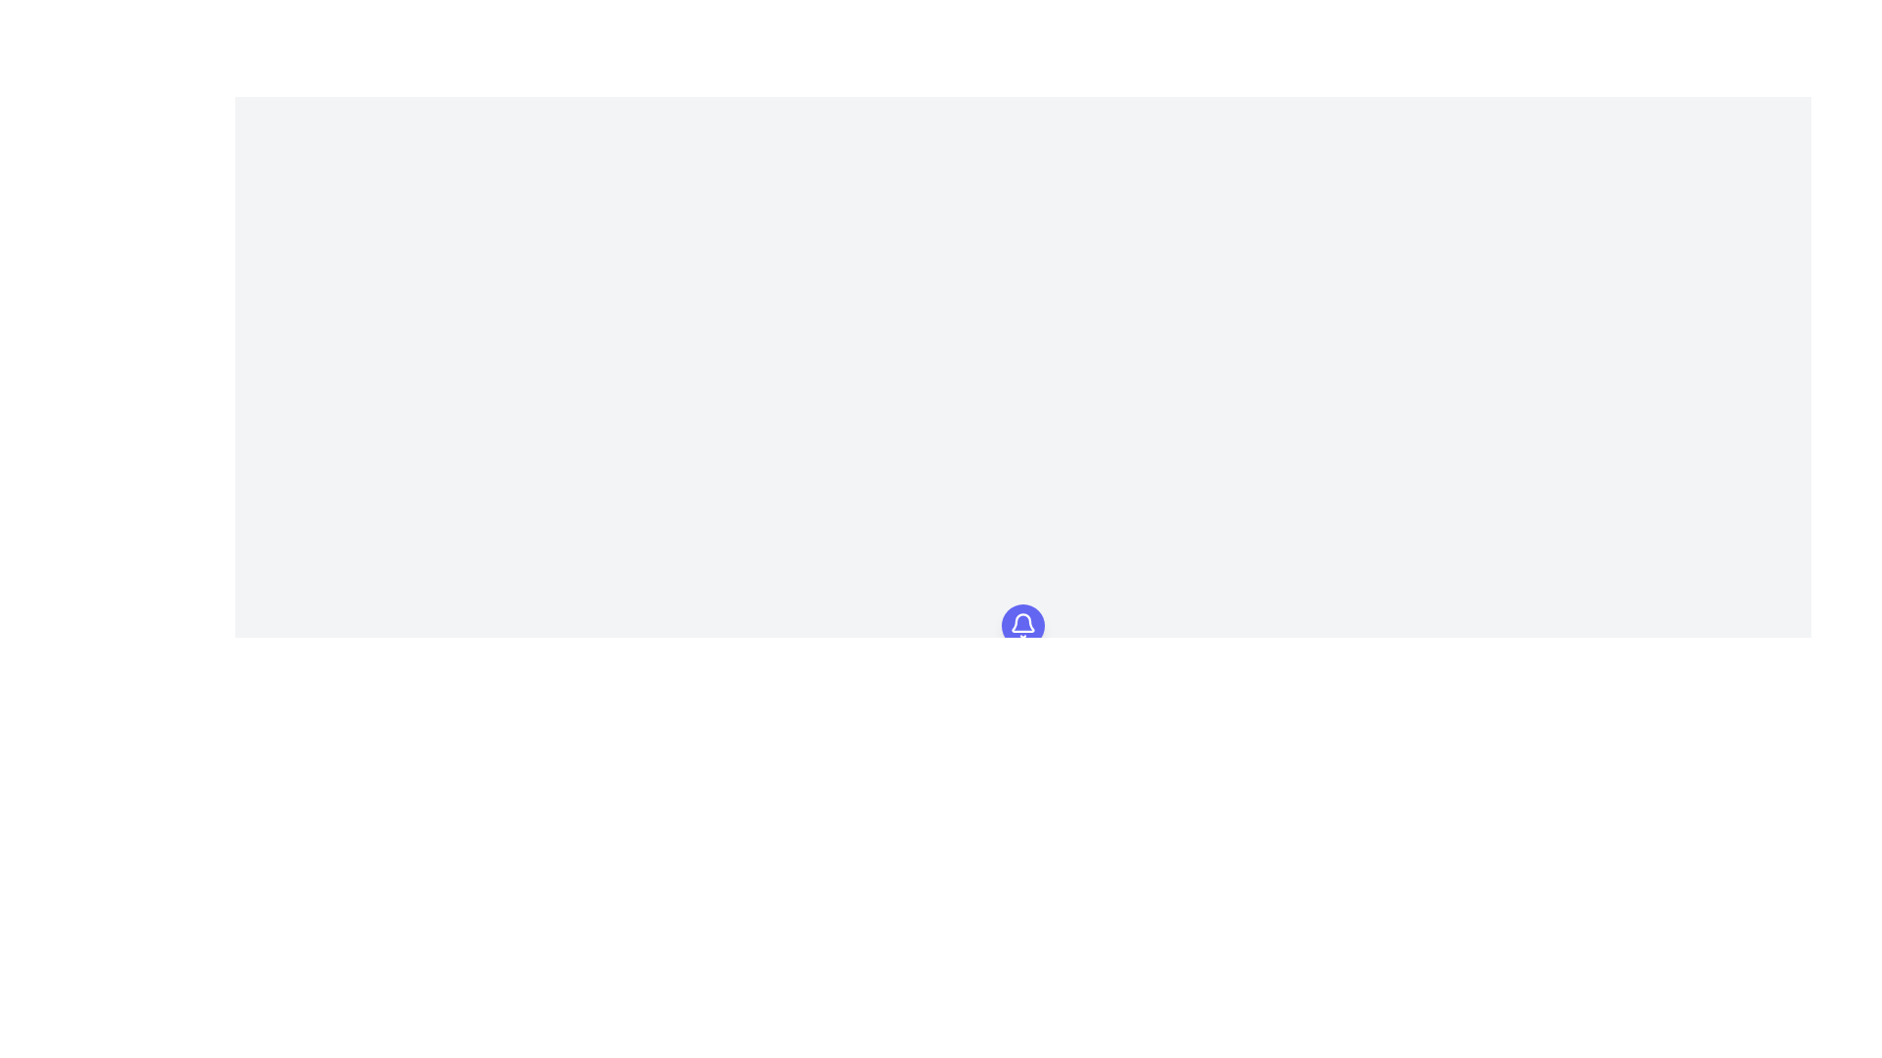 The width and height of the screenshot is (1882, 1058). Describe the element at coordinates (1021, 626) in the screenshot. I see `the circular button with a bell icon, which has a blue background and is positioned near the top center of the page` at that location.